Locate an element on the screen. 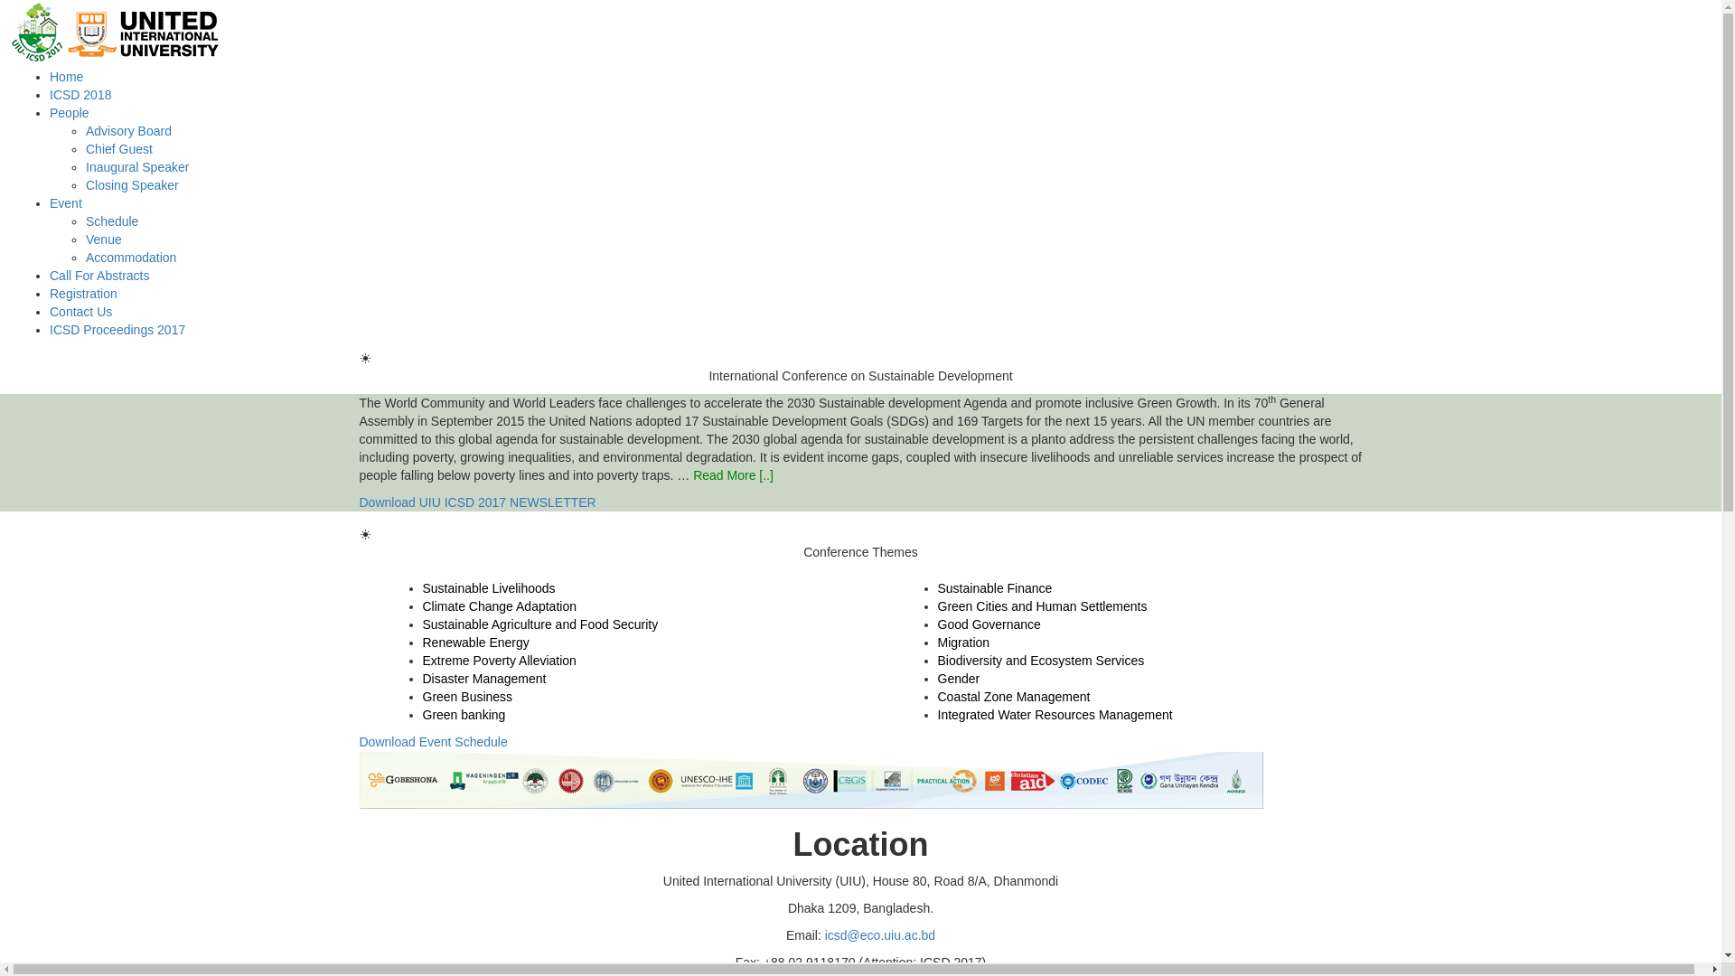 Image resolution: width=1735 pixels, height=976 pixels. 'Home' is located at coordinates (66, 75).